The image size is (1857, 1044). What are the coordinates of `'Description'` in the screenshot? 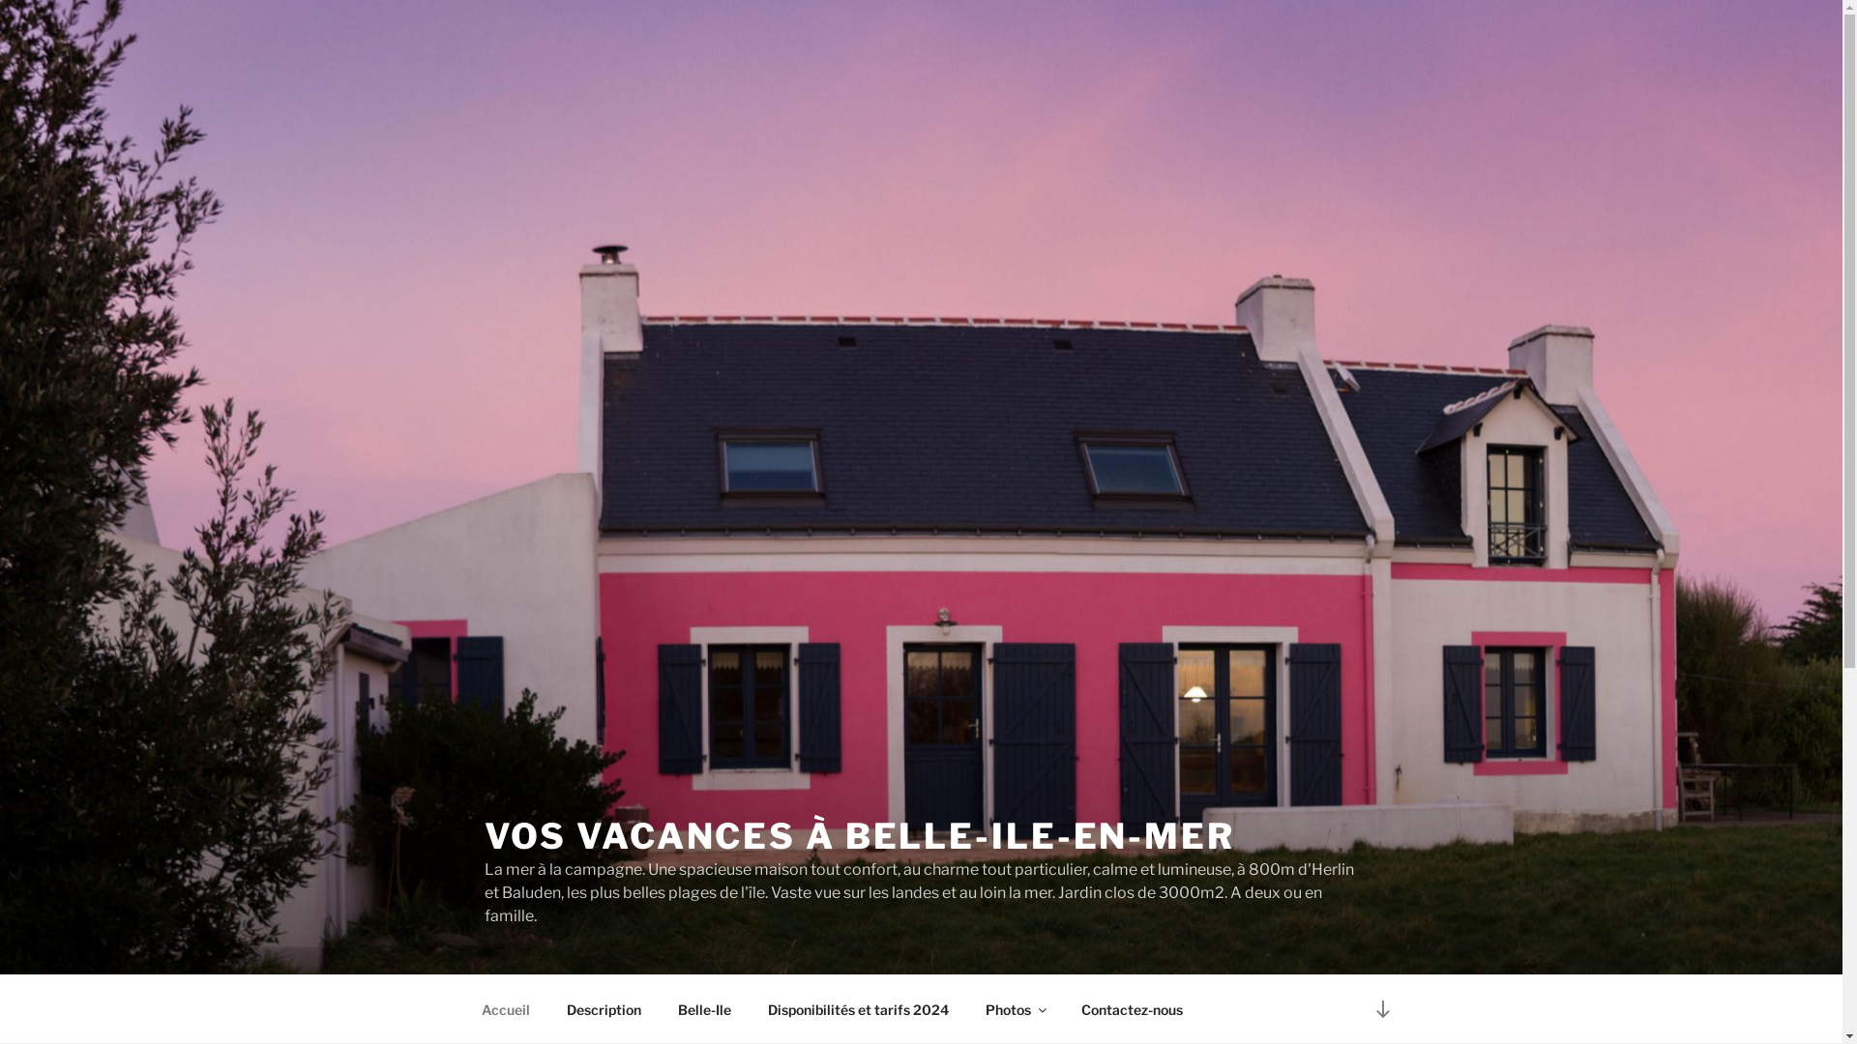 It's located at (603, 1008).